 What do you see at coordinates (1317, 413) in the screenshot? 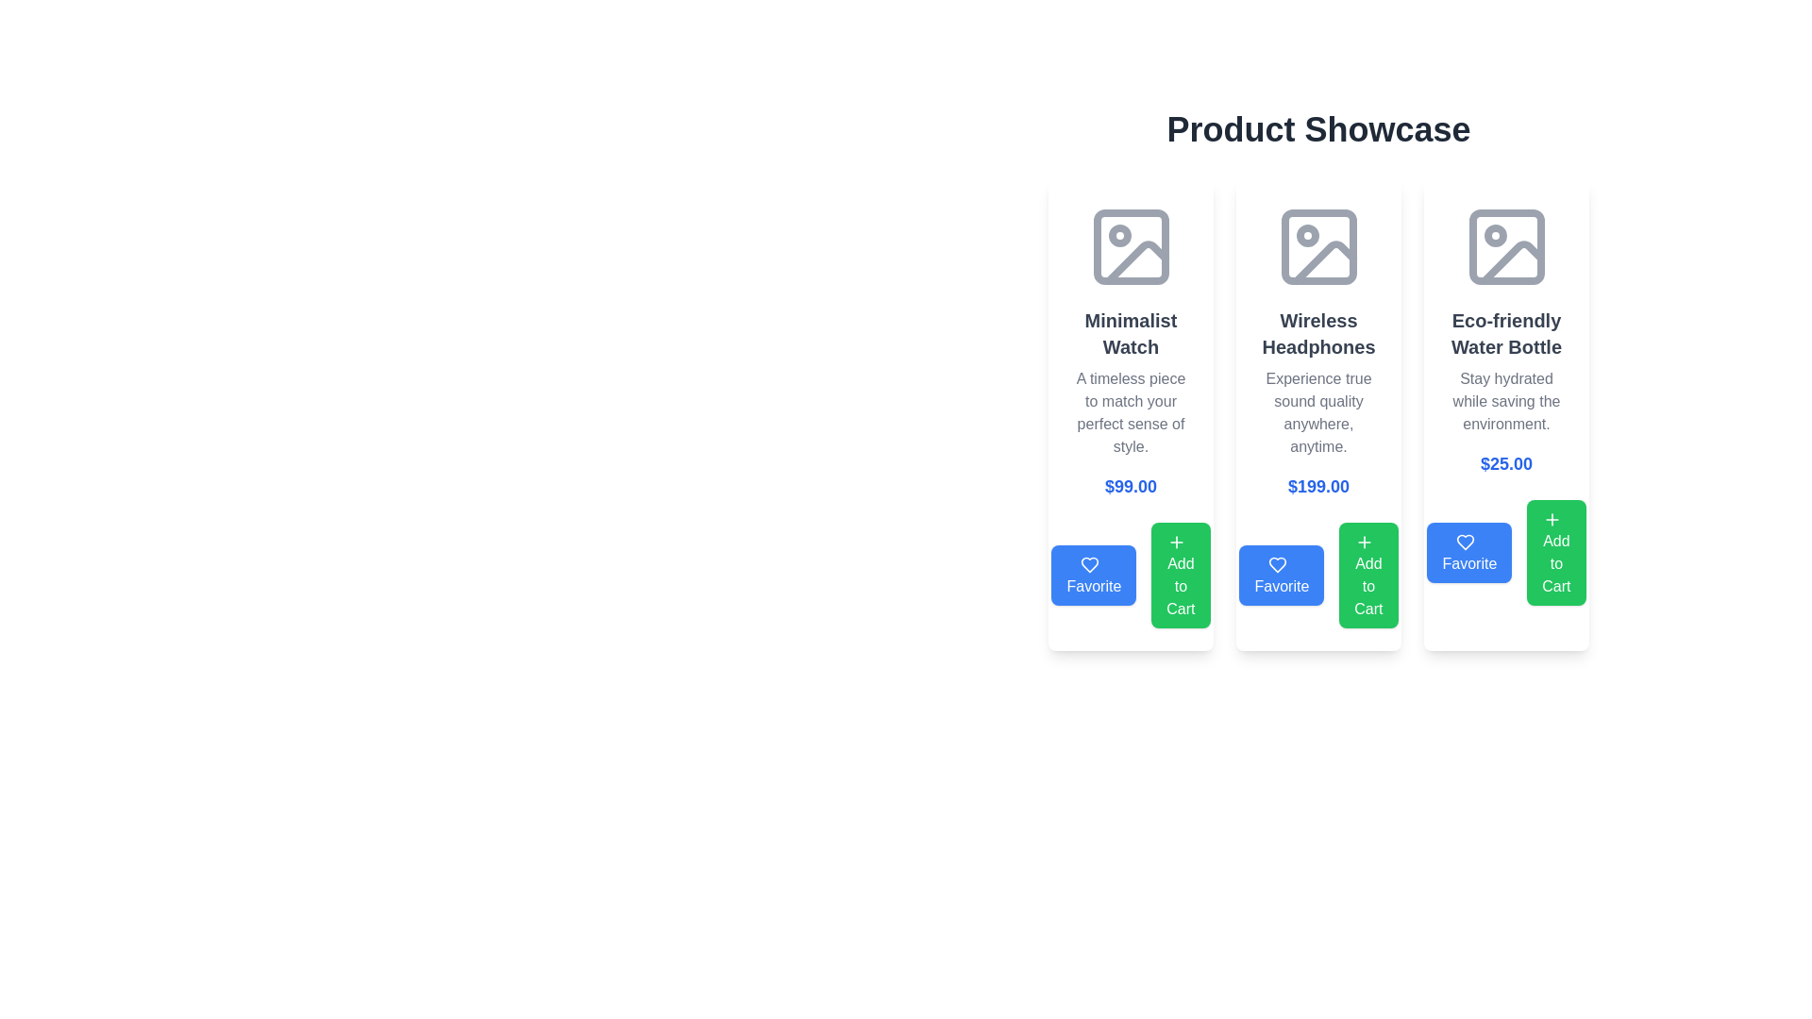
I see `the product card for 'Wireless Headphones'` at bounding box center [1317, 413].